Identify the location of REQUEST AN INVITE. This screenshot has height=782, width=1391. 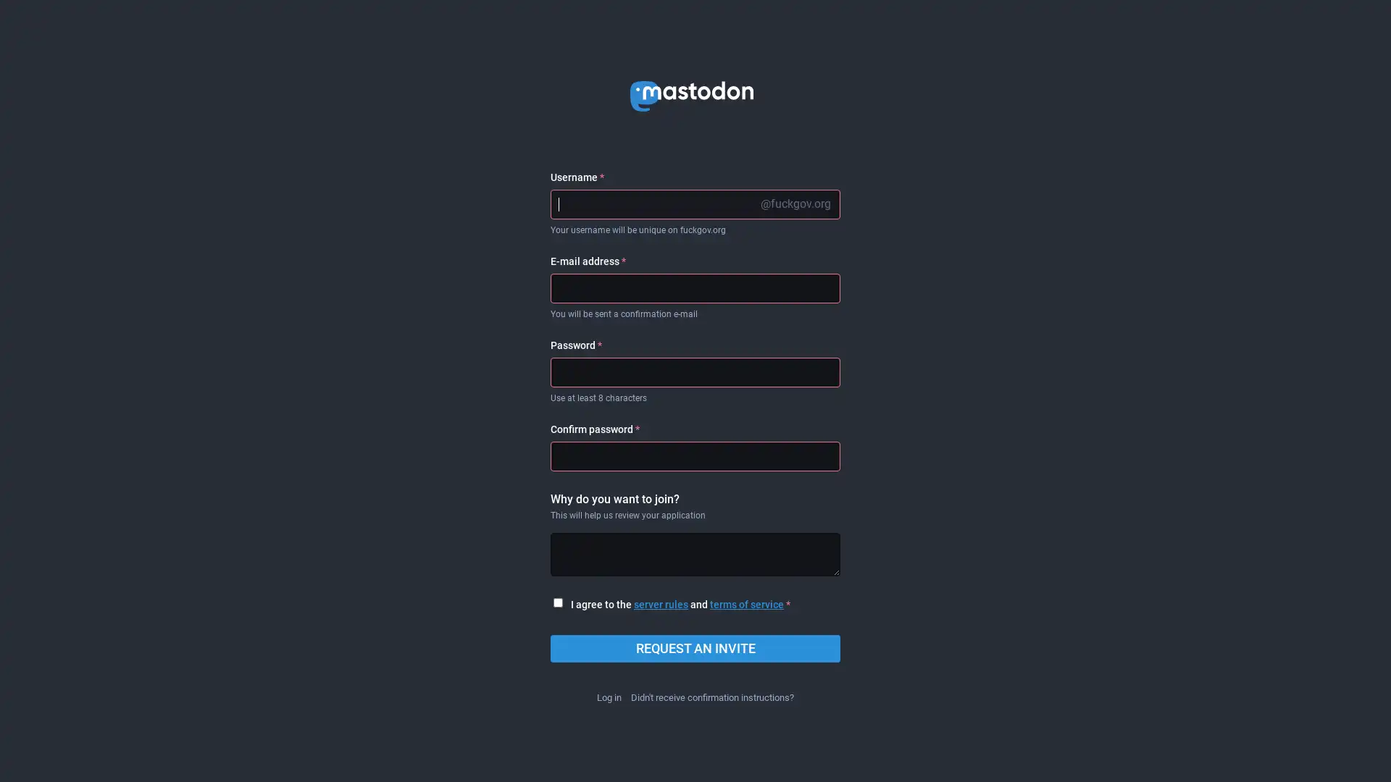
(695, 647).